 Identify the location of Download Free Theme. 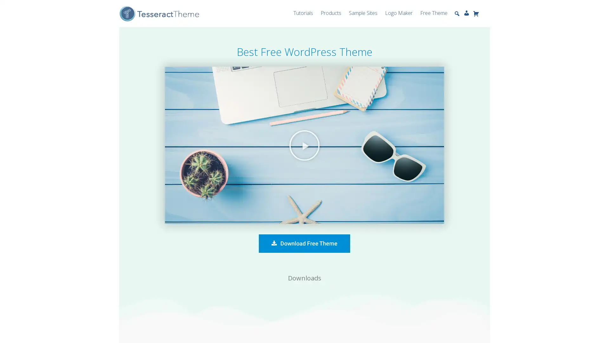
(304, 243).